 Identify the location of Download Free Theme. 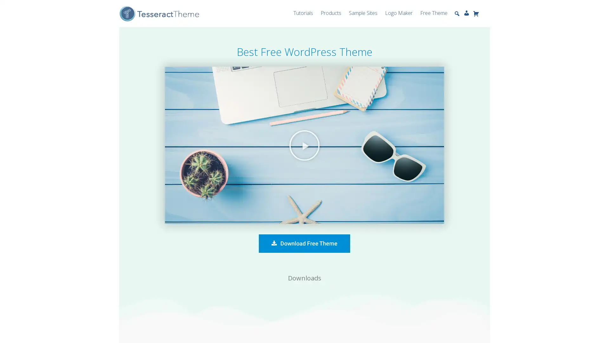
(304, 243).